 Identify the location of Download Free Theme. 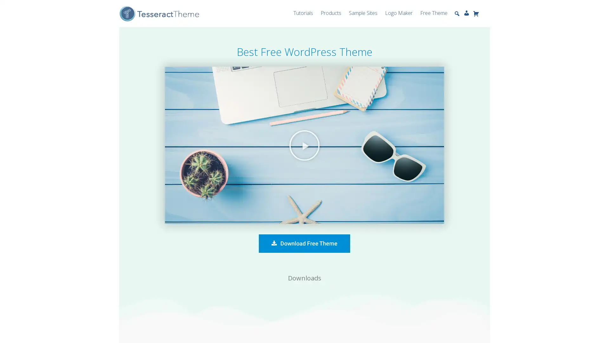
(304, 243).